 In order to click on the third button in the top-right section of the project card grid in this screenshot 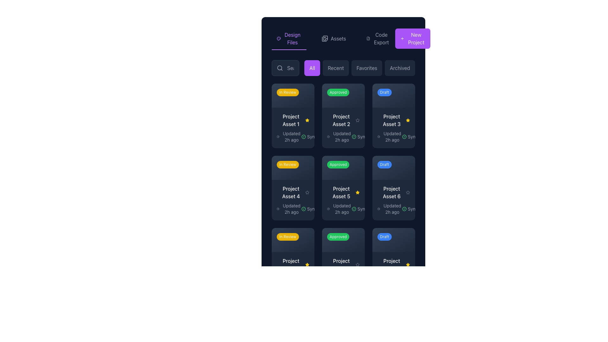, I will do `click(404, 94)`.